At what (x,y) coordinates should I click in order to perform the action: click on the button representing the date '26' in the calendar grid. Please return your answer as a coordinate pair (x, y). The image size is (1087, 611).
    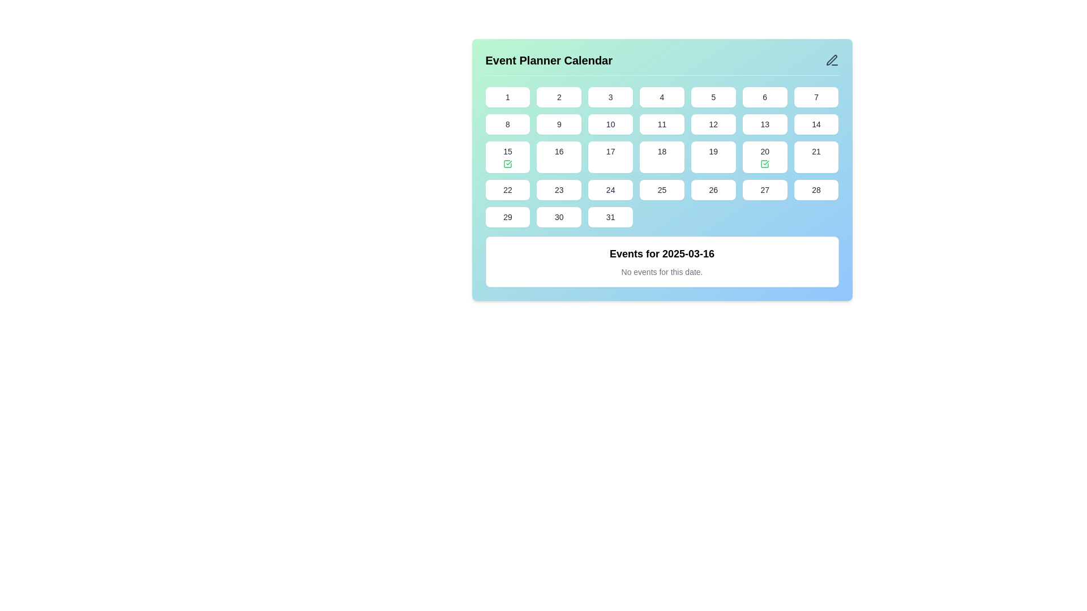
    Looking at the image, I should click on (712, 189).